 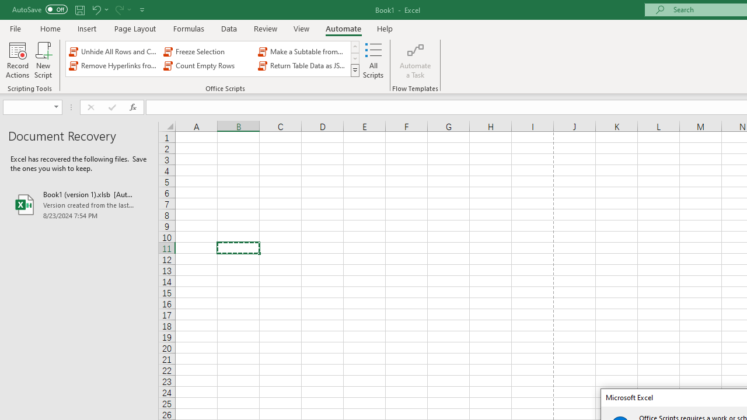 I want to click on 'Automate', so click(x=343, y=28).